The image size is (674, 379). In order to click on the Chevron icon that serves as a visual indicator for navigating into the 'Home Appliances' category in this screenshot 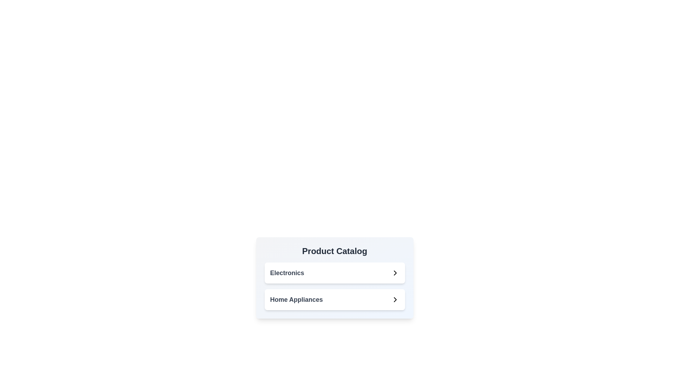, I will do `click(395, 299)`.